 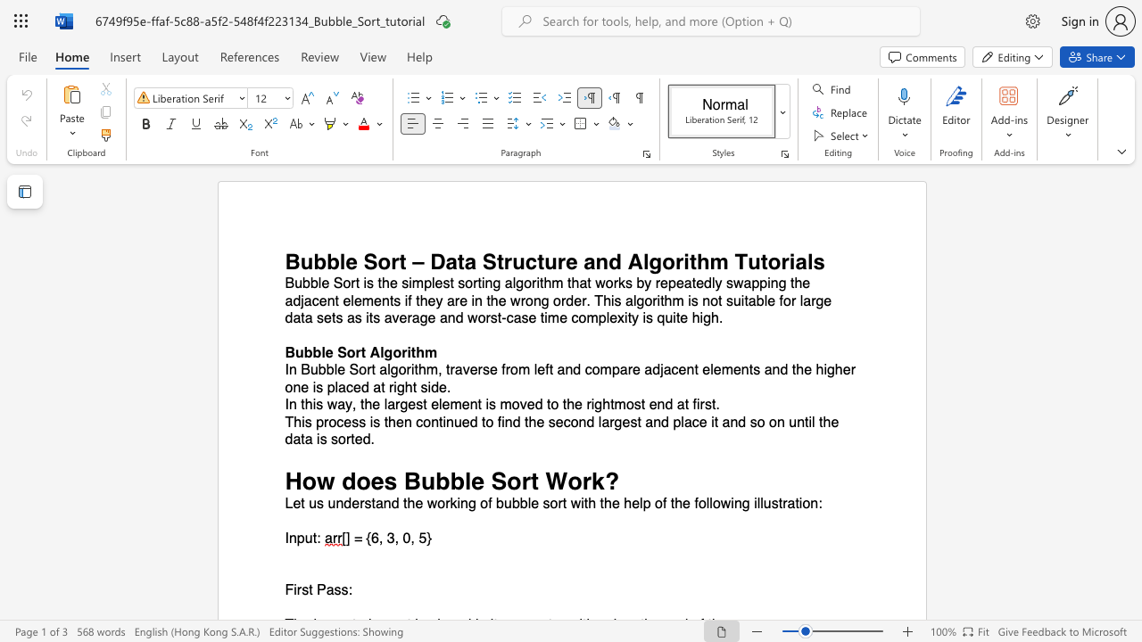 I want to click on the 1th character "o" in the text, so click(x=351, y=352).